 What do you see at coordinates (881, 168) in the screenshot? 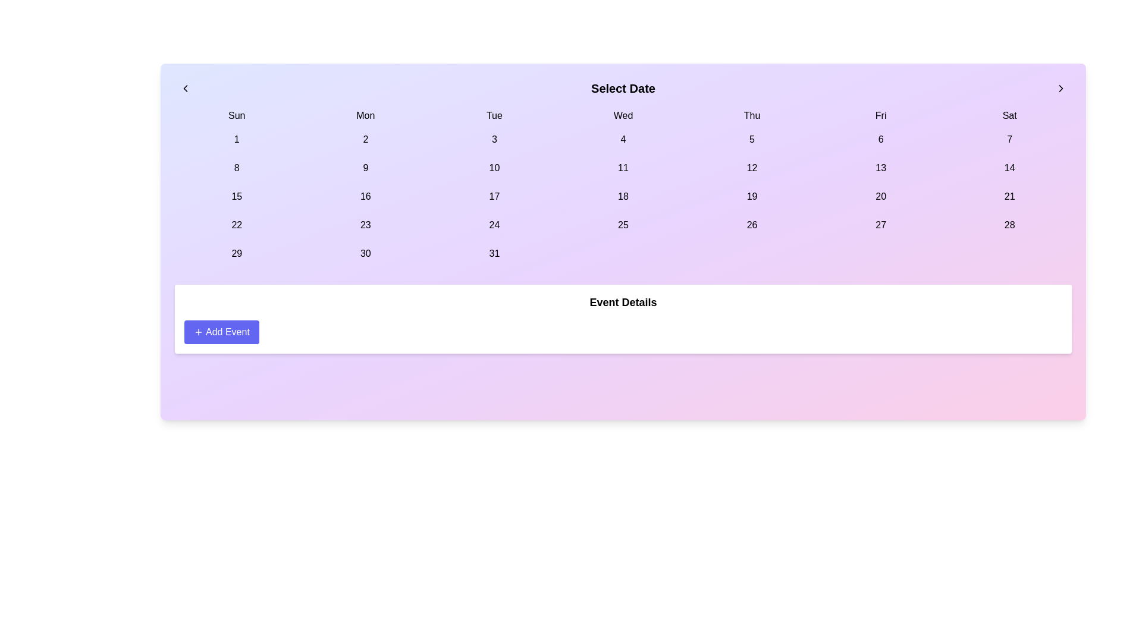
I see `the button labeled '13', which is a rounded rectangular box located under the header 'Fri' in the fourth row and sixth column of the calendar layout` at bounding box center [881, 168].